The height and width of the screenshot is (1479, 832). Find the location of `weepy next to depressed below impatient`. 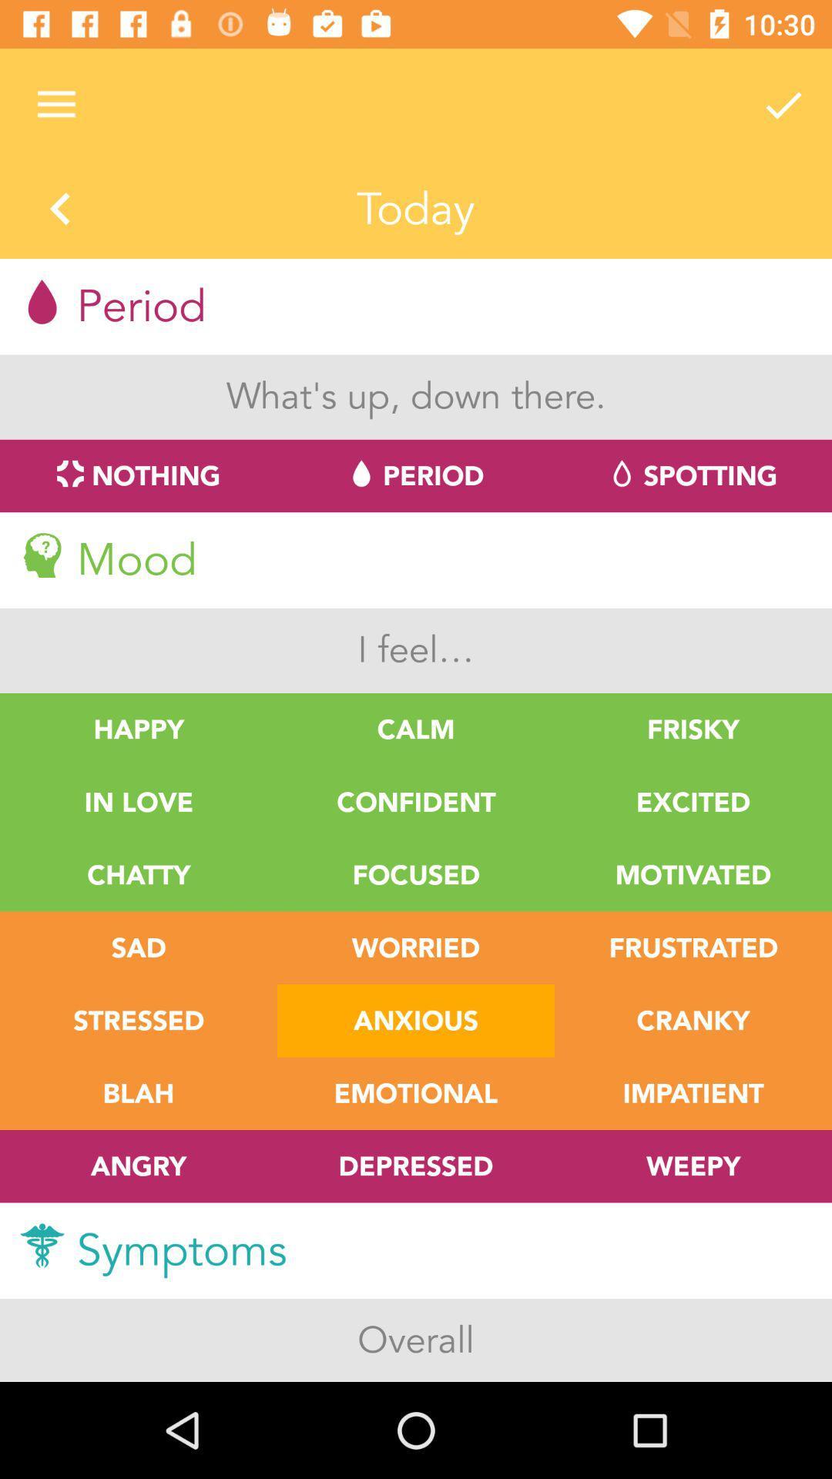

weepy next to depressed below impatient is located at coordinates (692, 1166).